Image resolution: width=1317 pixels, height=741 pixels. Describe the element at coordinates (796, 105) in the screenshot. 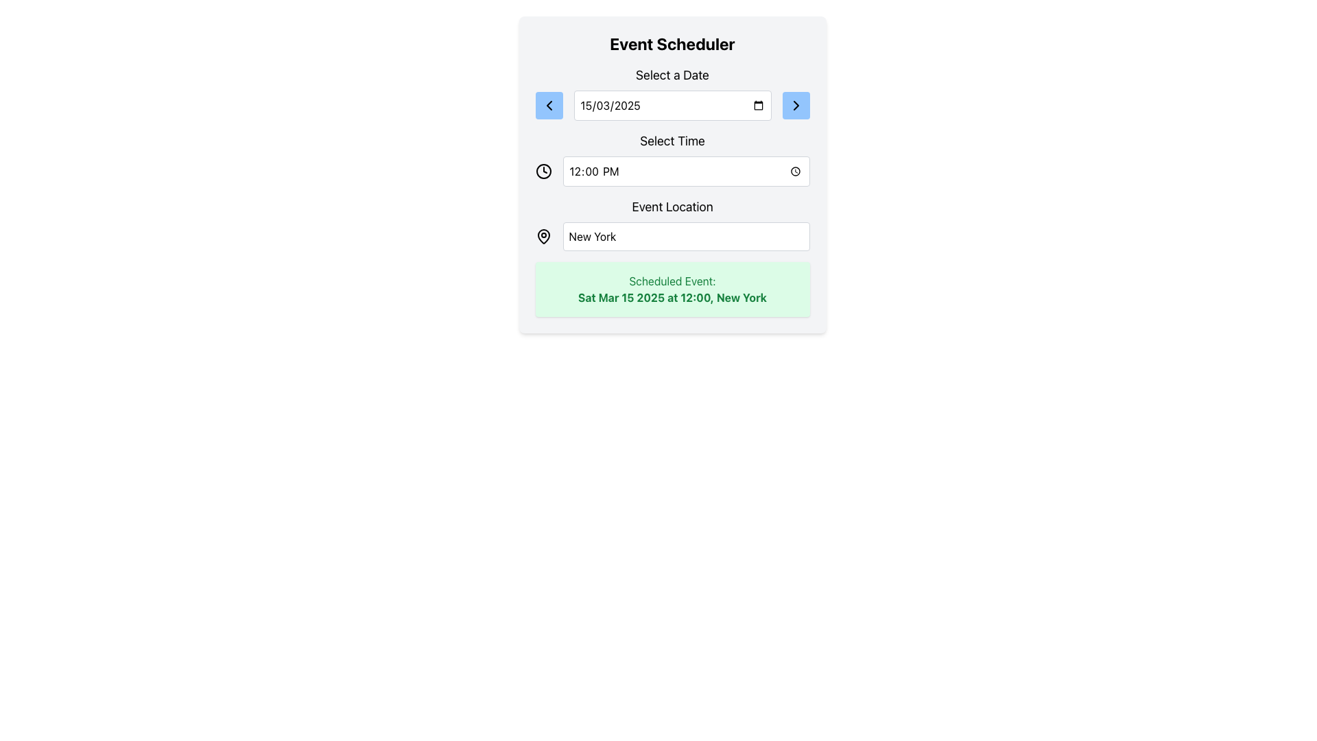

I see `the right-pointing arrow icon, which is a minimalistic vector icon located to the right of the 'Select a Date' input box` at that location.